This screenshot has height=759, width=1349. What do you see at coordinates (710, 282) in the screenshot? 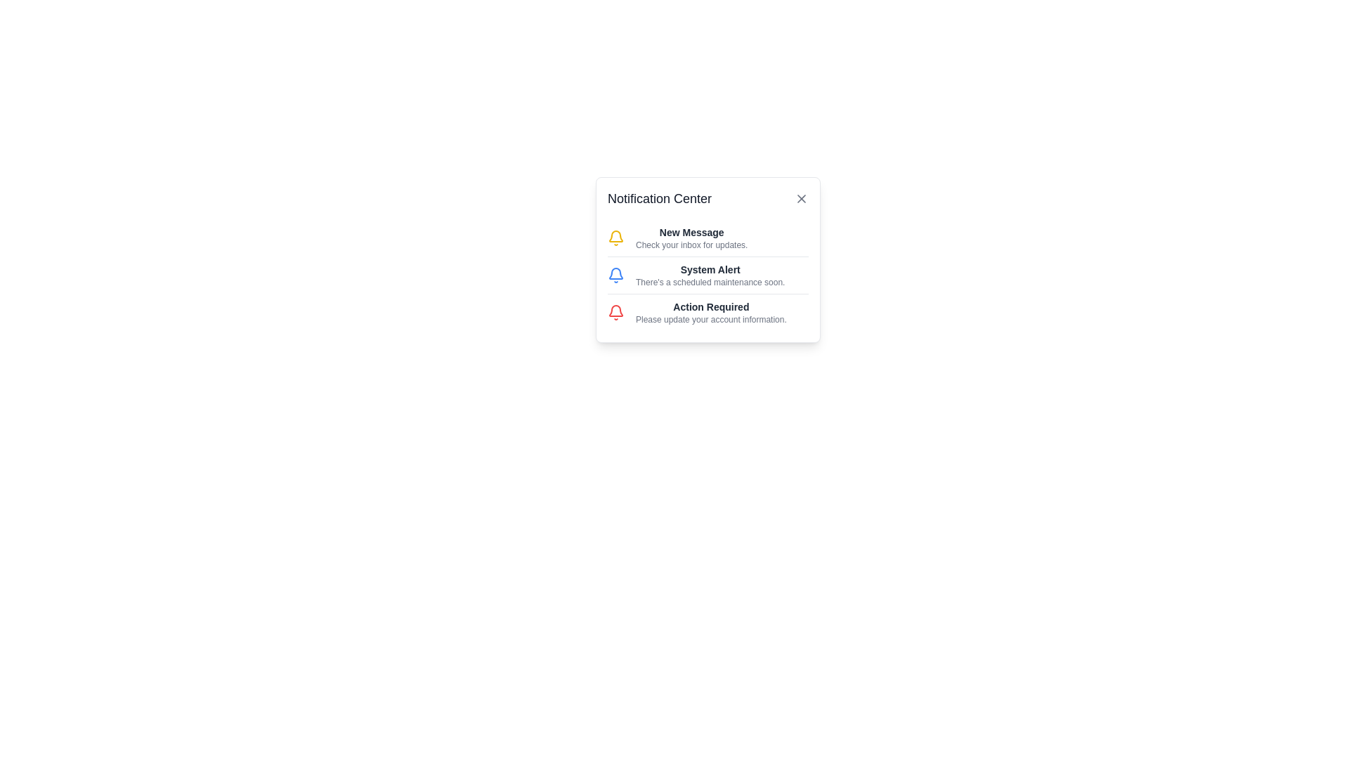
I see `notification text that alerts the user about 'a scheduled maintenance soon' located below the 'System Alert' headline` at bounding box center [710, 282].